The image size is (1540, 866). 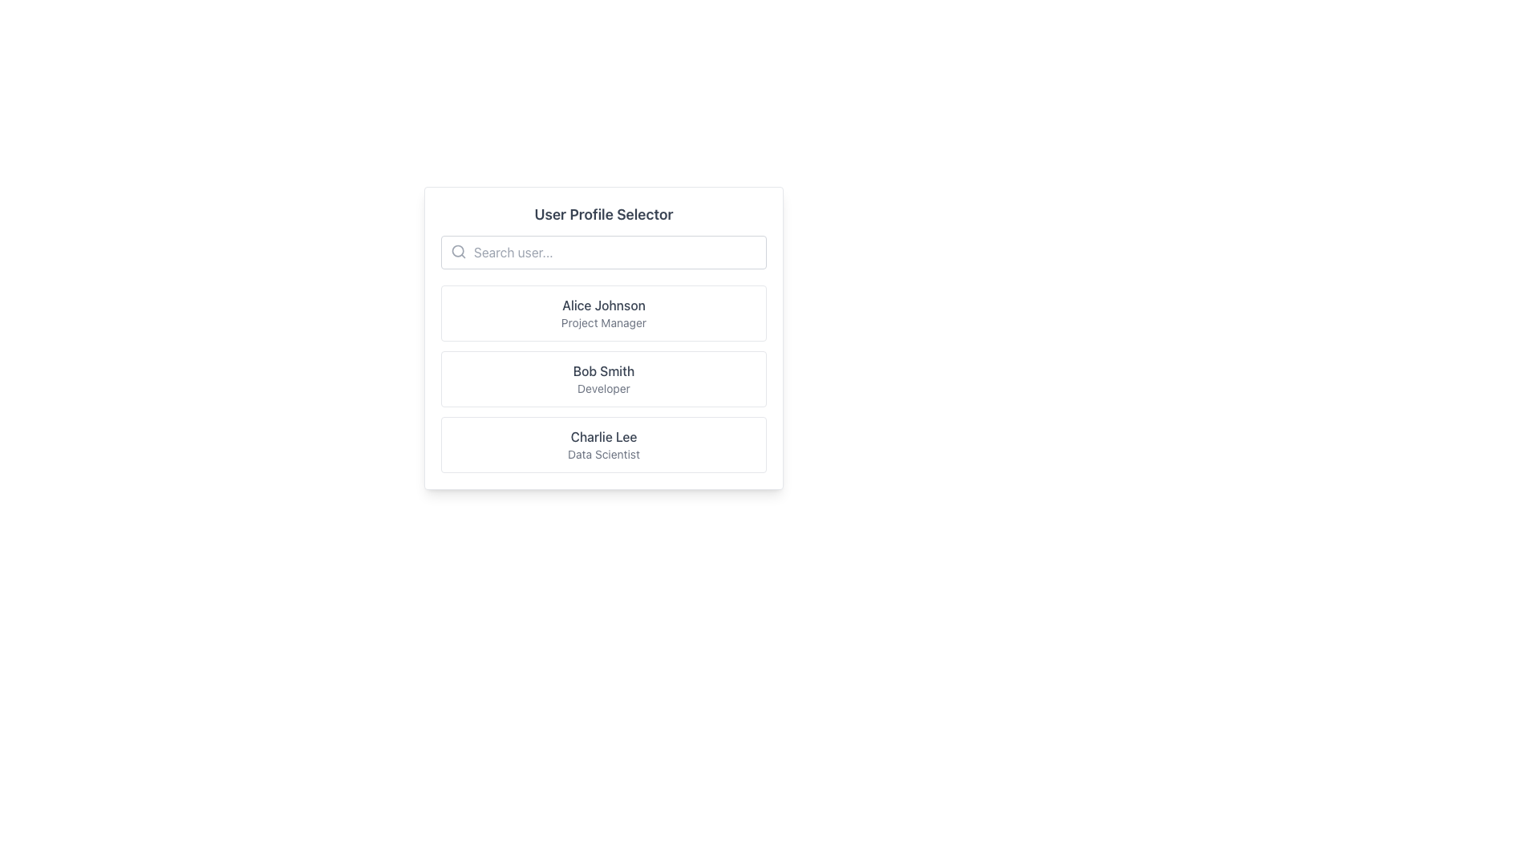 I want to click on the search icon located to the left of the search input field below the 'User Profile Selector' title, so click(x=457, y=251).